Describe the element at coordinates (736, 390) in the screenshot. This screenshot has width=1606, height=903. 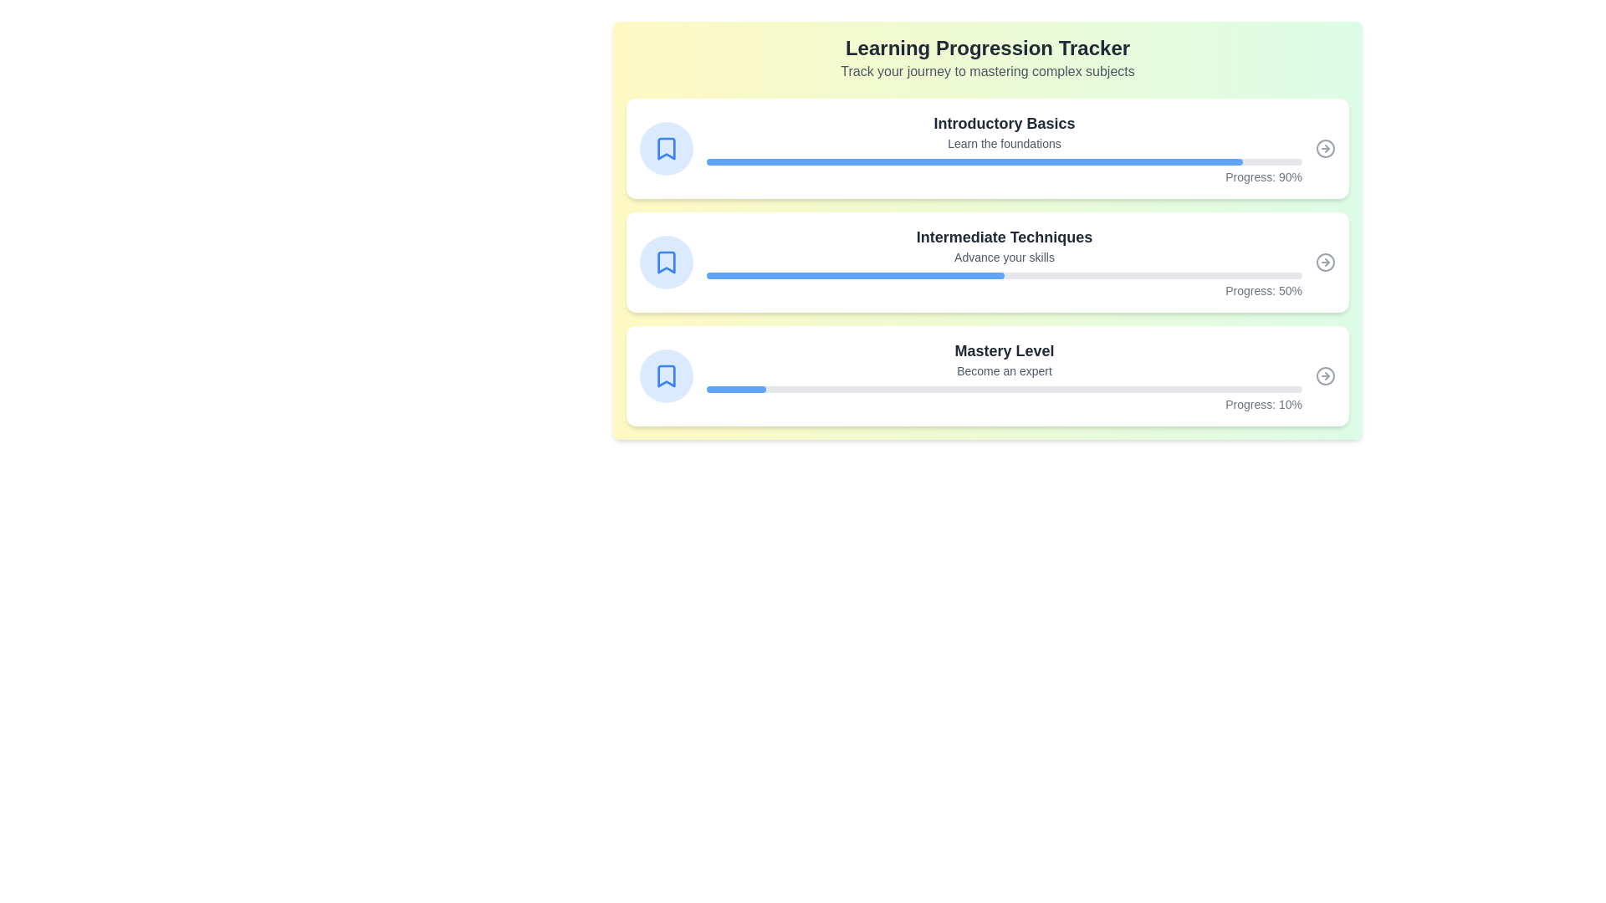
I see `the progress indicator that visually indicates approximately 10% completion within the horizontal progress bar located below the 'Mastery Level' section in the progression tracker interface` at that location.